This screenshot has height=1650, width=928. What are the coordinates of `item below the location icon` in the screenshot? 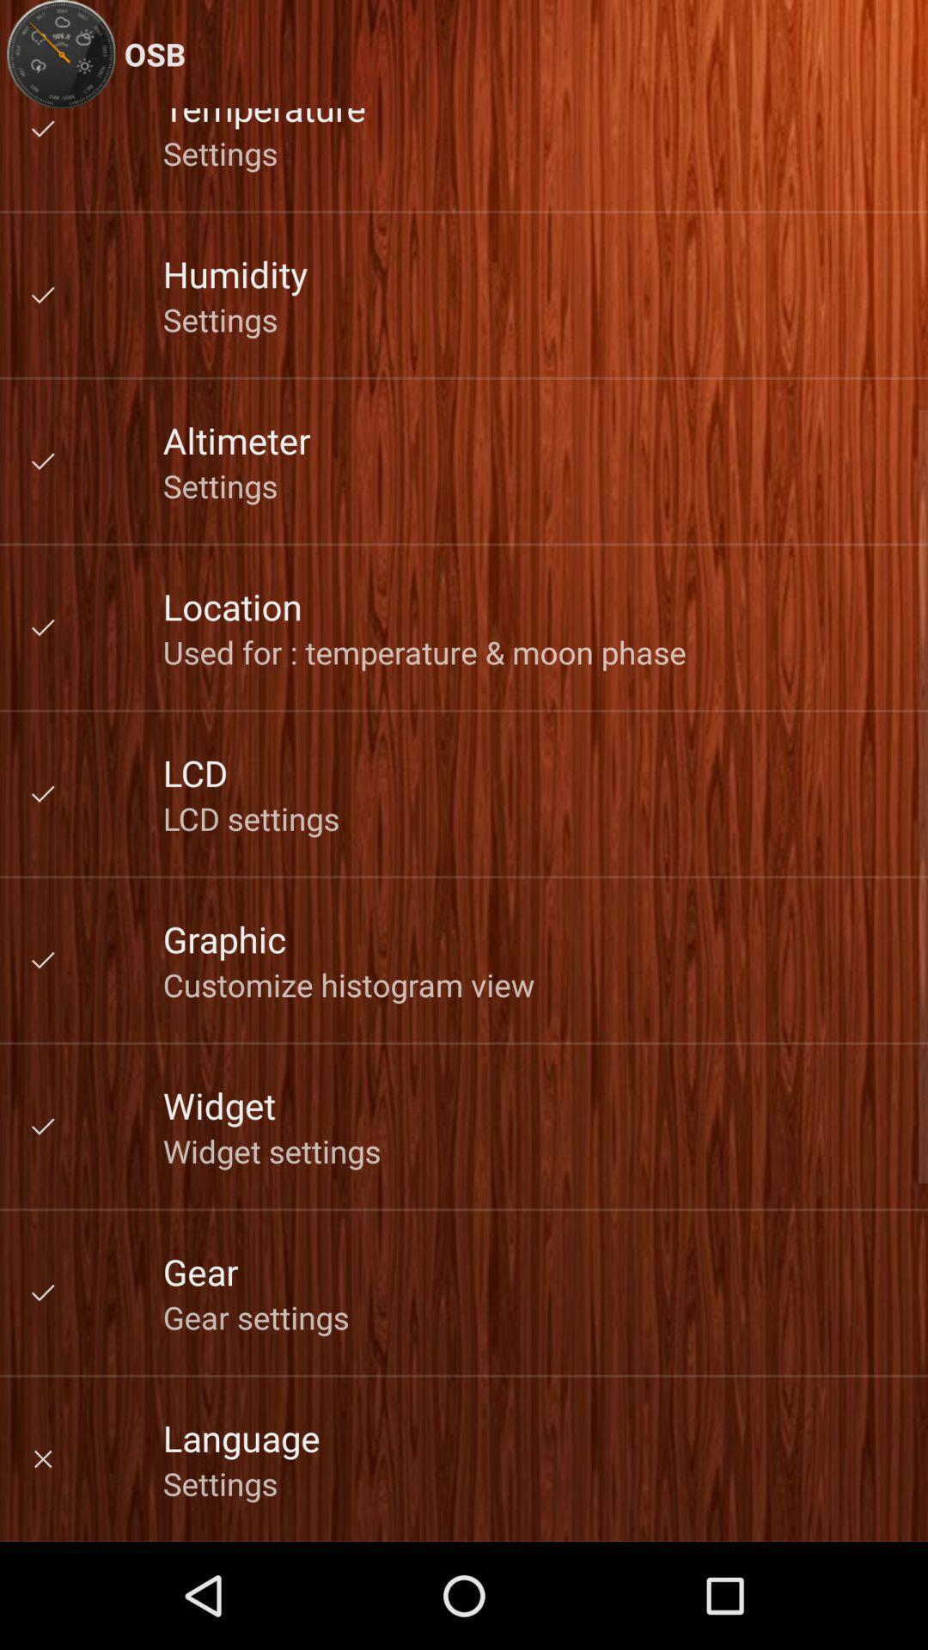 It's located at (424, 651).